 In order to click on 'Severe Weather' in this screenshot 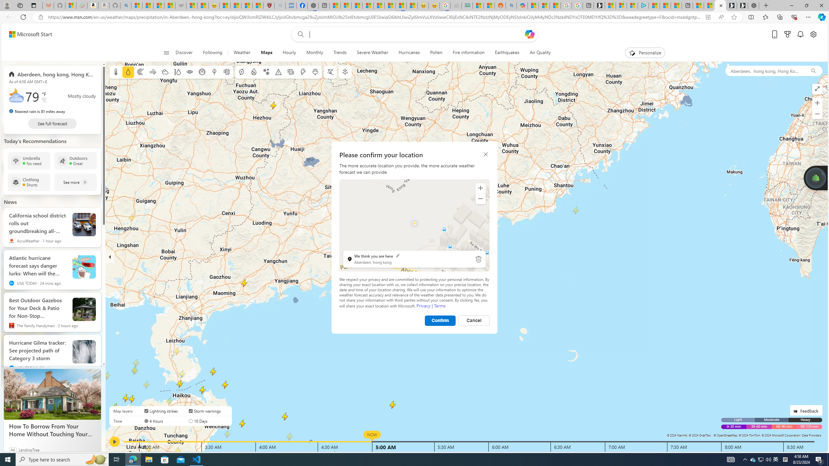, I will do `click(372, 52)`.